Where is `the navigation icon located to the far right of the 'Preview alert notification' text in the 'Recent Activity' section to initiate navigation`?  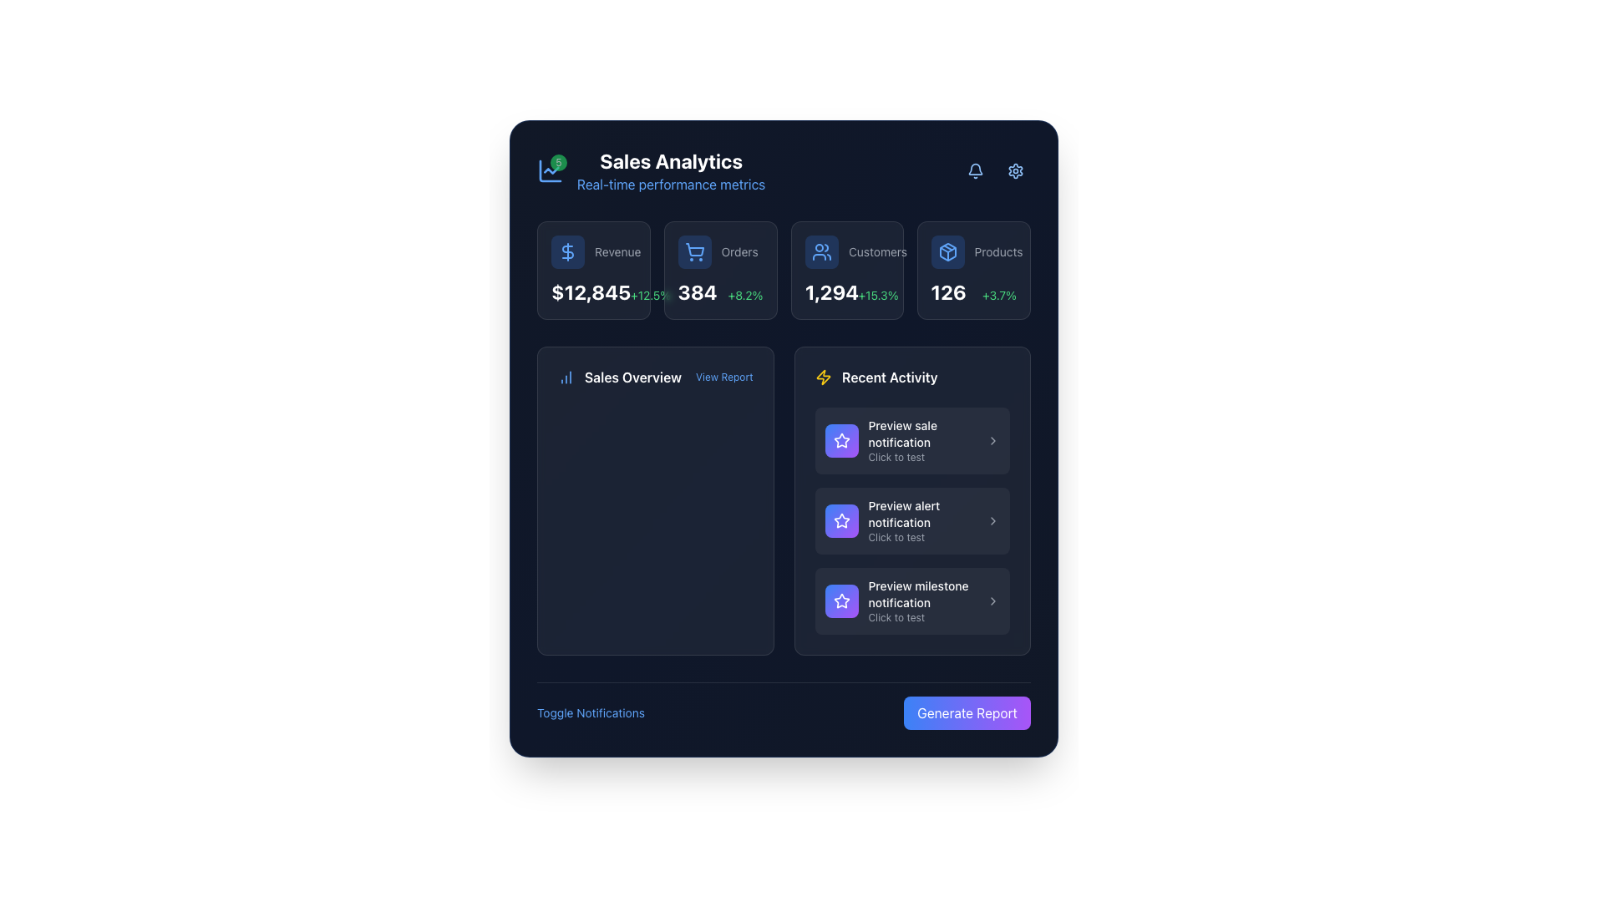 the navigation icon located to the far right of the 'Preview alert notification' text in the 'Recent Activity' section to initiate navigation is located at coordinates (993, 520).